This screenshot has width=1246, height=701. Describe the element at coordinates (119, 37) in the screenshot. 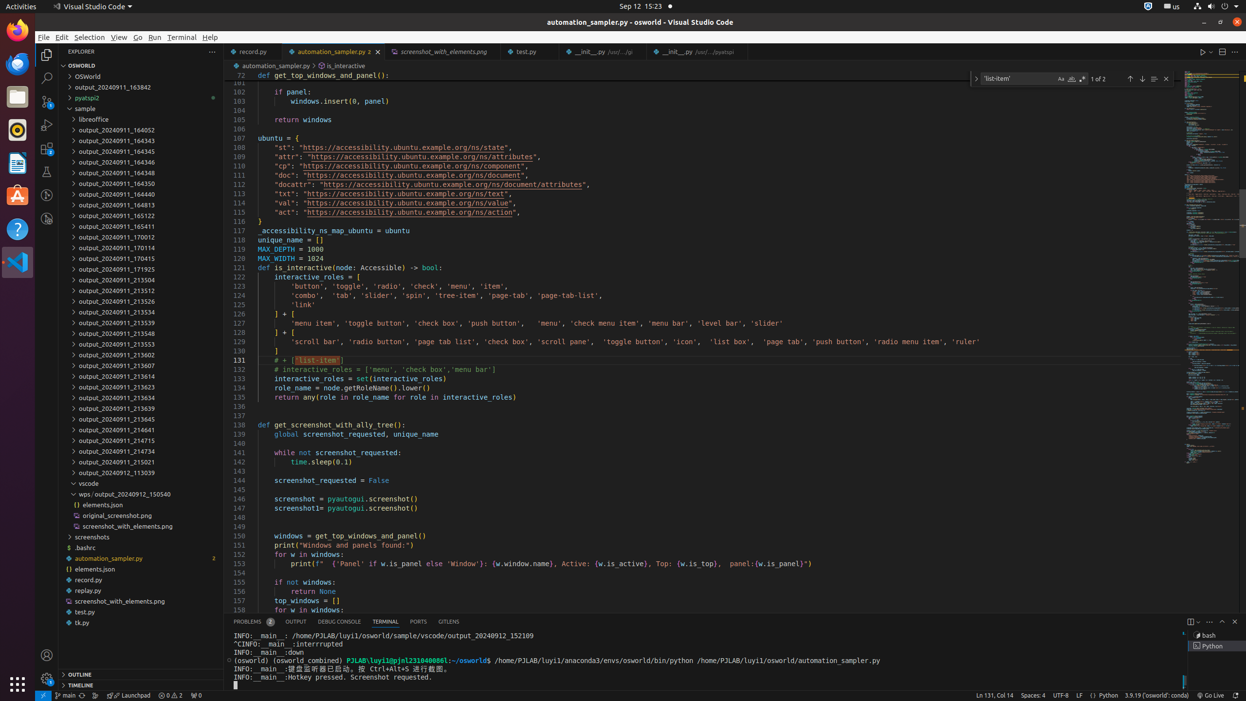

I see `'View'` at that location.